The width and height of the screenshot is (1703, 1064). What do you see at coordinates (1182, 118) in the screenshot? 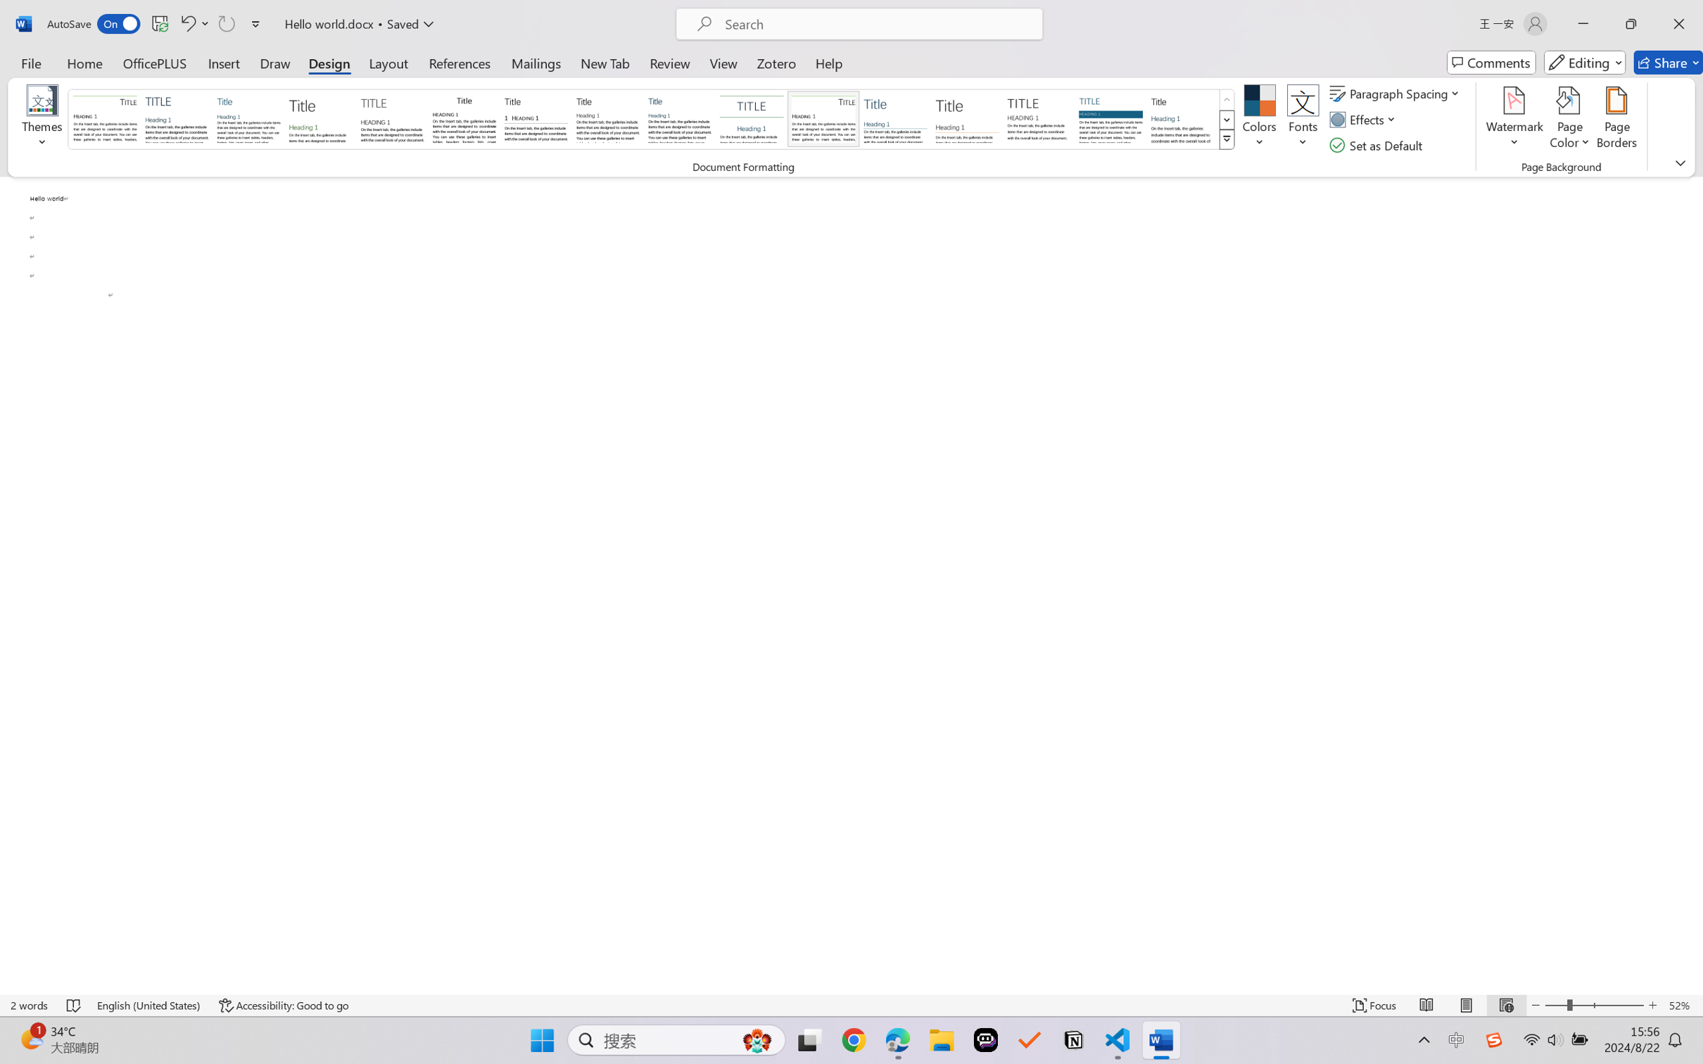
I see `'Word'` at bounding box center [1182, 118].